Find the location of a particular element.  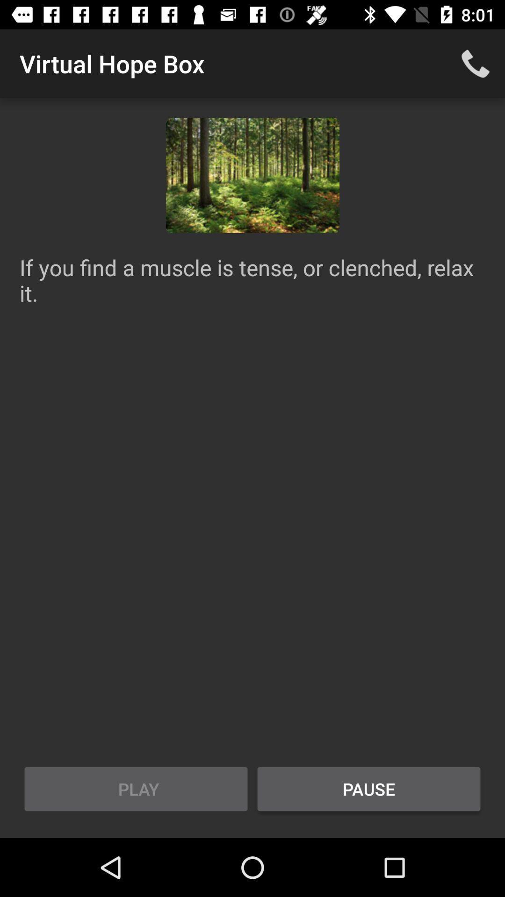

the pause icon is located at coordinates (368, 789).